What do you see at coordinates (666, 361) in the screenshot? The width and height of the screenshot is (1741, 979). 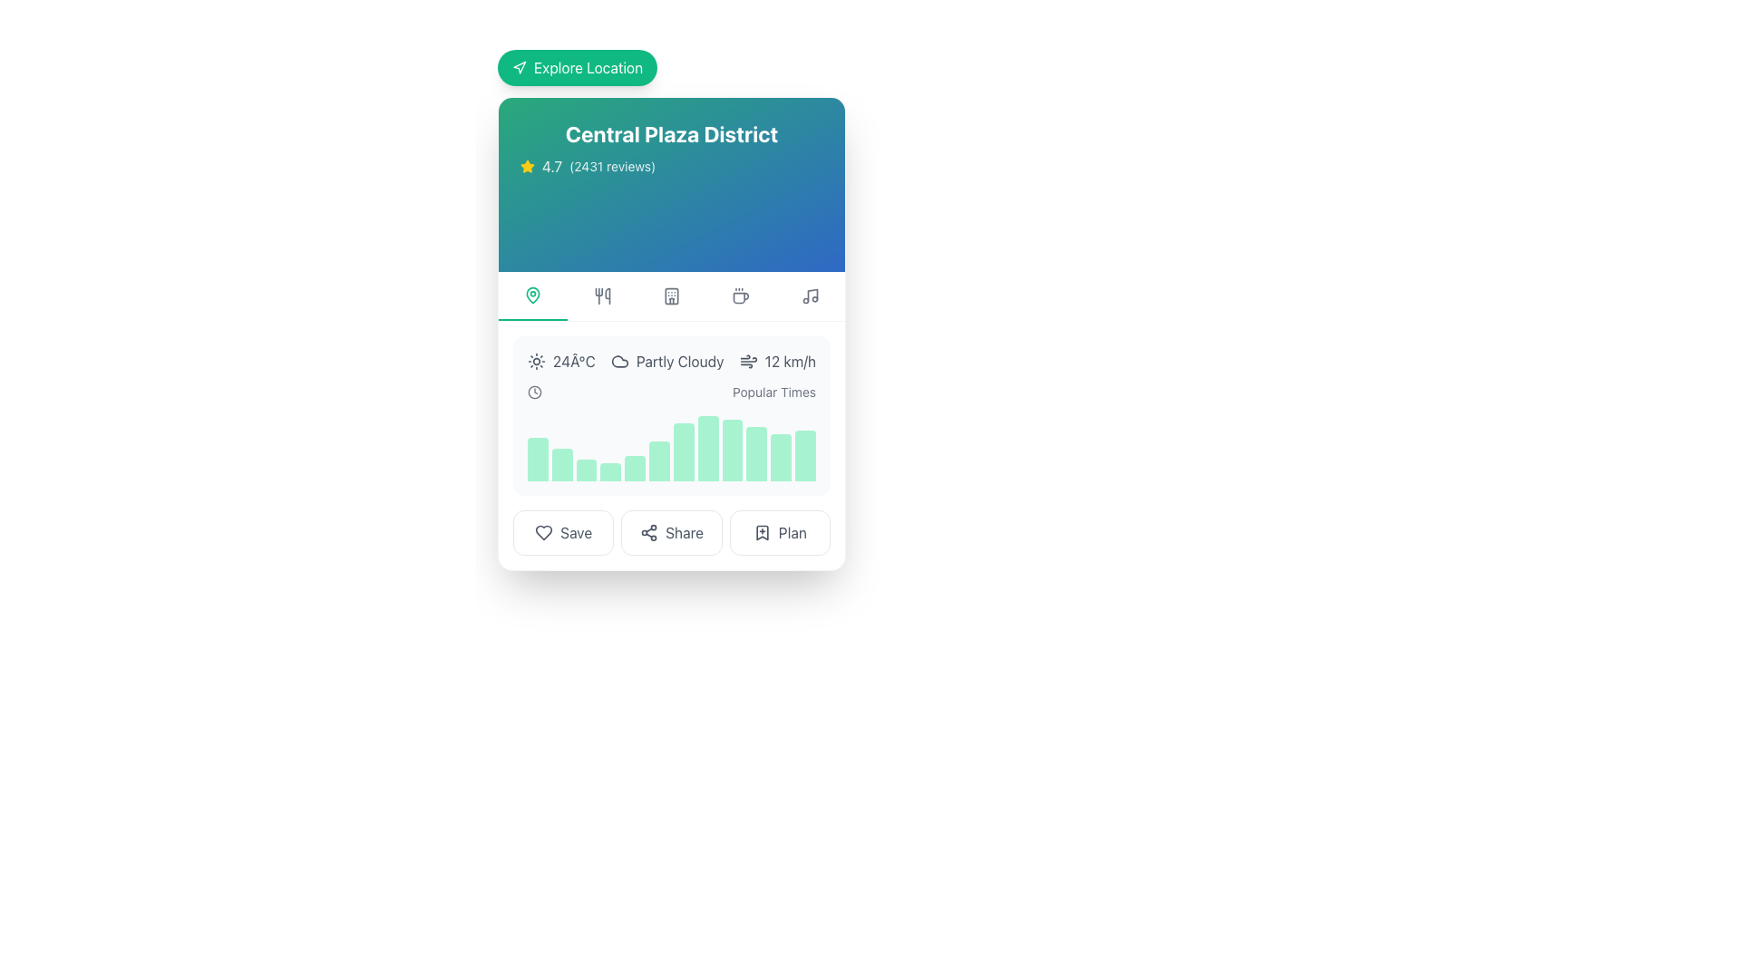 I see `the weather condition represented by the Label with Icon showing a cloud and the text 'Partly Cloudy', located in the weather status section under the 'Central Plaza District' card` at bounding box center [666, 361].